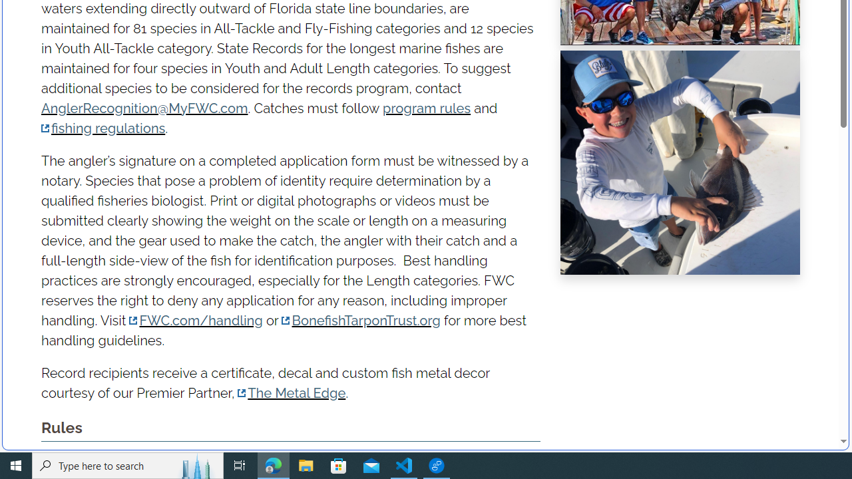 Image resolution: width=852 pixels, height=479 pixels. What do you see at coordinates (291, 393) in the screenshot?
I see `'The Metal Edge'` at bounding box center [291, 393].